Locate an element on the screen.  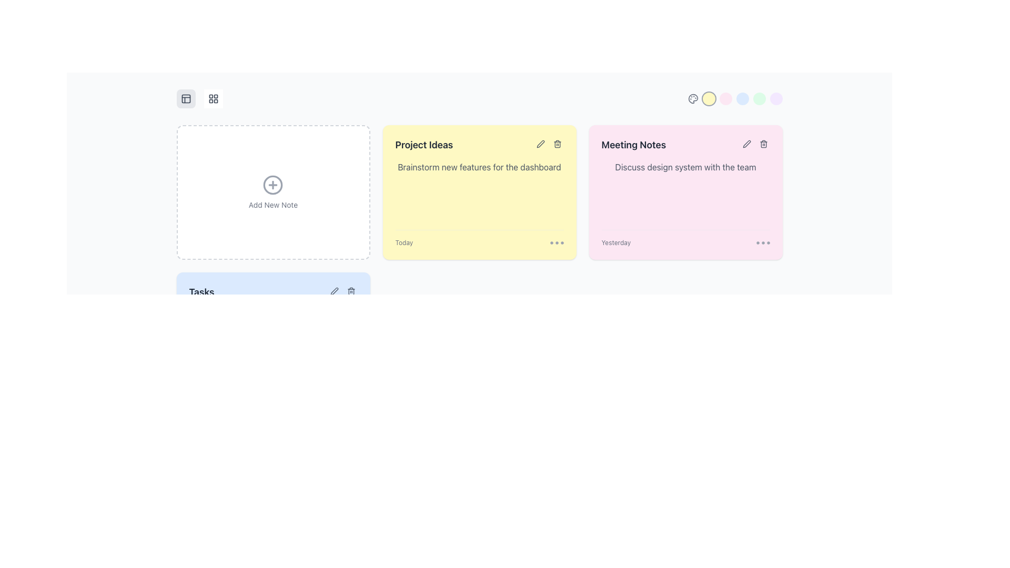
the timestamp text label that indicates the current day's relevance, located at the left side of the bottom section of the yellow 'Project Ideas' card is located at coordinates (403, 243).